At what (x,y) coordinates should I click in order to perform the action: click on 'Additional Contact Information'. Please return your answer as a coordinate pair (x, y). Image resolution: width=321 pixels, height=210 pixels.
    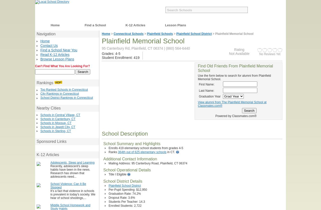
    Looking at the image, I should click on (103, 159).